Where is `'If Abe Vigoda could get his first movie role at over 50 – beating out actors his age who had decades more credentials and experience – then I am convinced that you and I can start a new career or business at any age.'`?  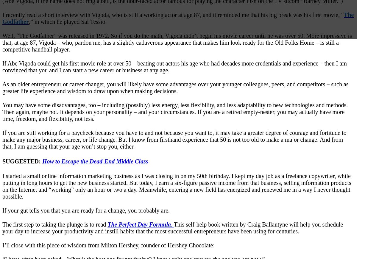
'If Abe Vigoda could get his first movie role at over 50 – beating out actors his age who had decades more credentials and experience – then I am convinced that you and I can start a new career or business at any age.' is located at coordinates (174, 67).